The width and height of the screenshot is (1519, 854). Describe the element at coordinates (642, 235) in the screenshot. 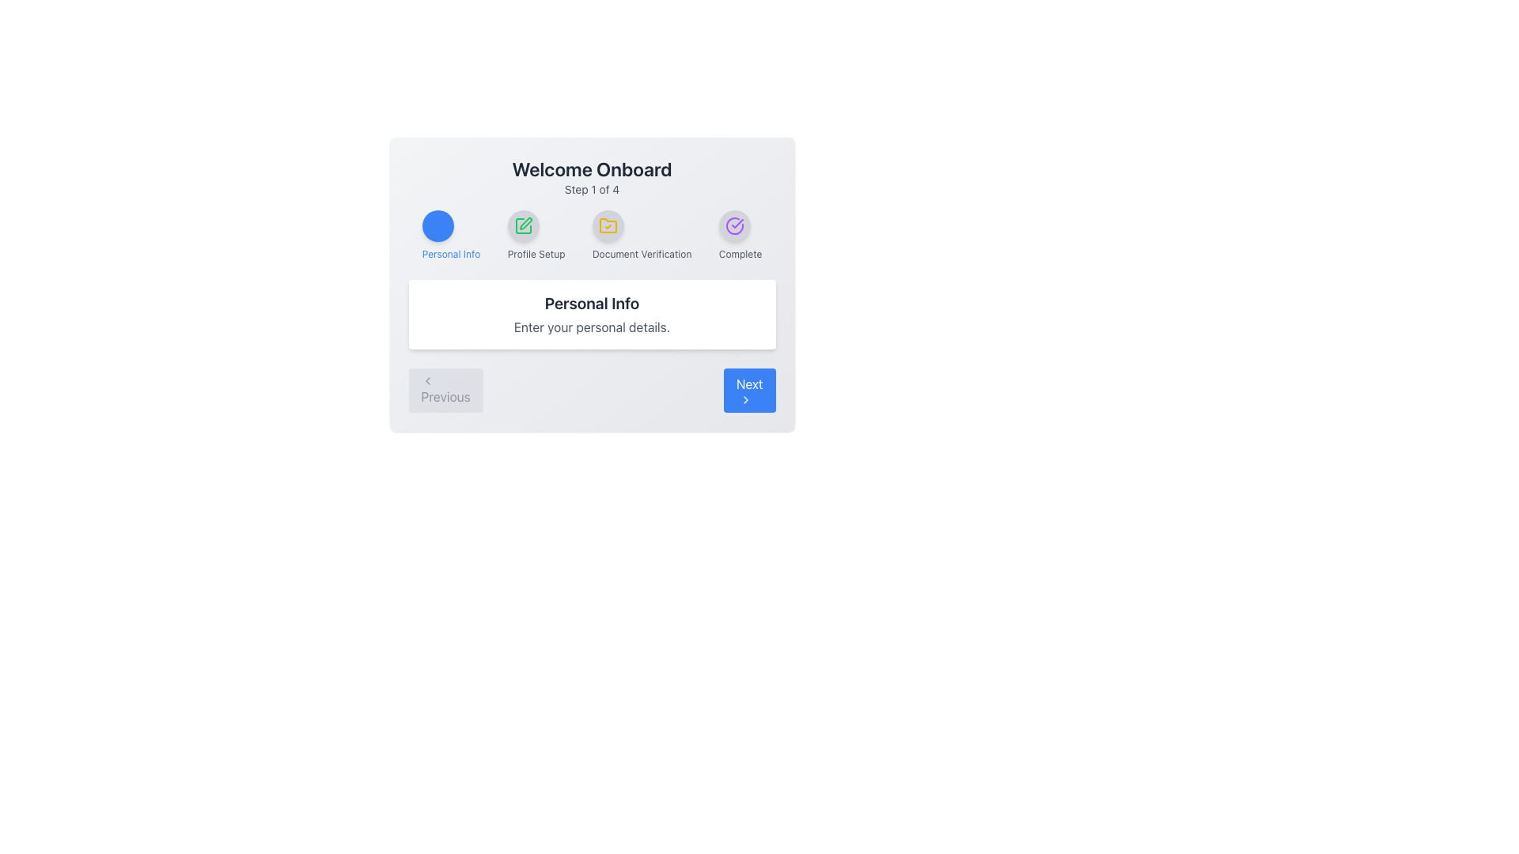

I see `the 'Document Verification' step indicator, which is the third item in a horizontal sequence of four steps in the multi-step process` at that location.